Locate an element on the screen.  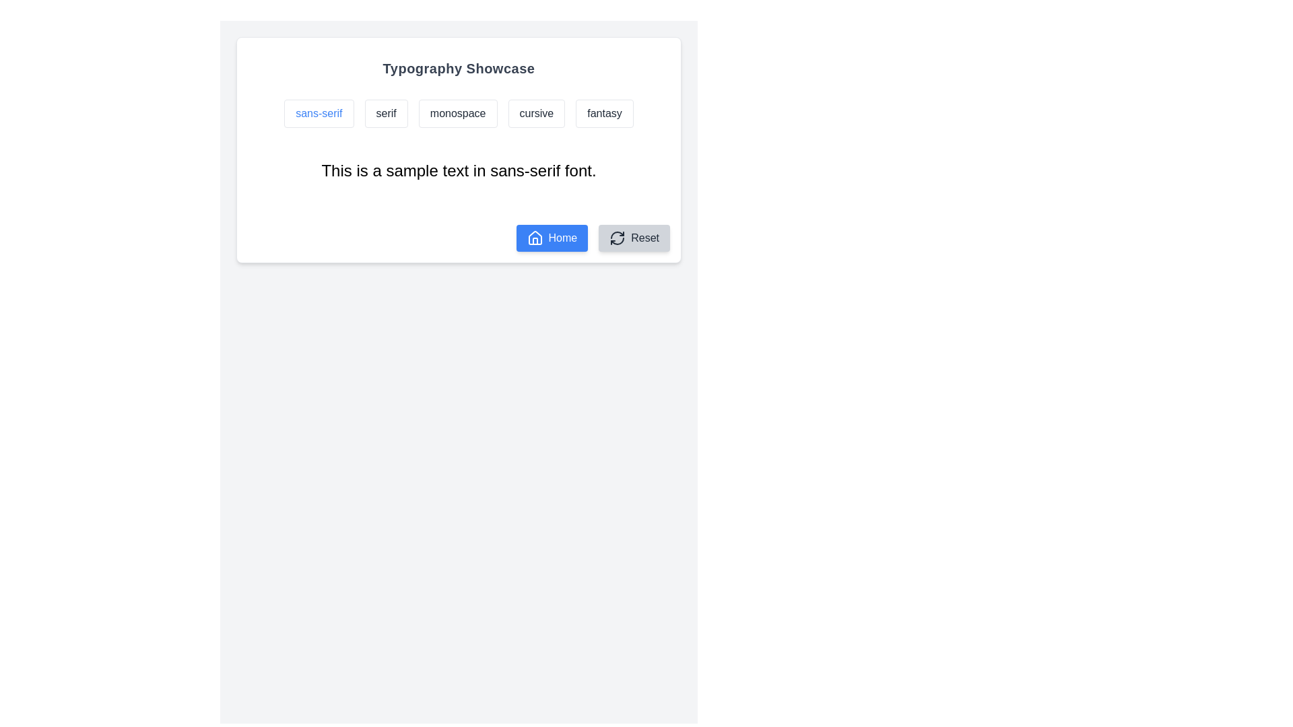
the small house-shaped icon located within the blue 'Home' button on the left side of the button is located at coordinates (534, 238).